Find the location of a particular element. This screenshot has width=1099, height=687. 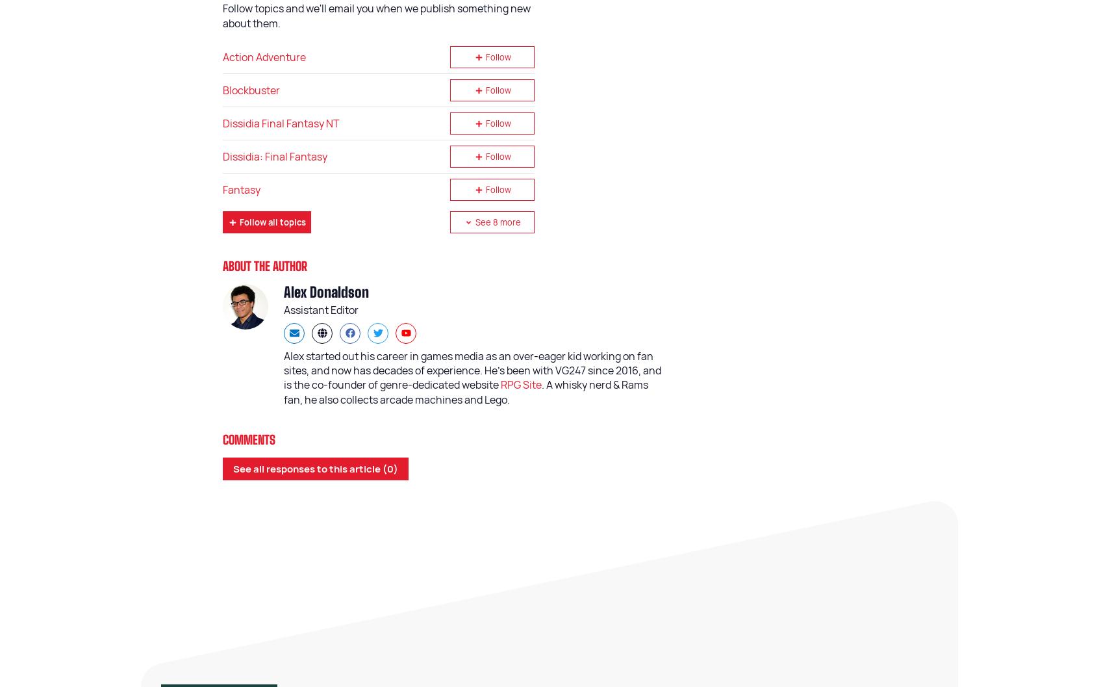

'Dissidia Final Fantasy NT' is located at coordinates (280, 123).